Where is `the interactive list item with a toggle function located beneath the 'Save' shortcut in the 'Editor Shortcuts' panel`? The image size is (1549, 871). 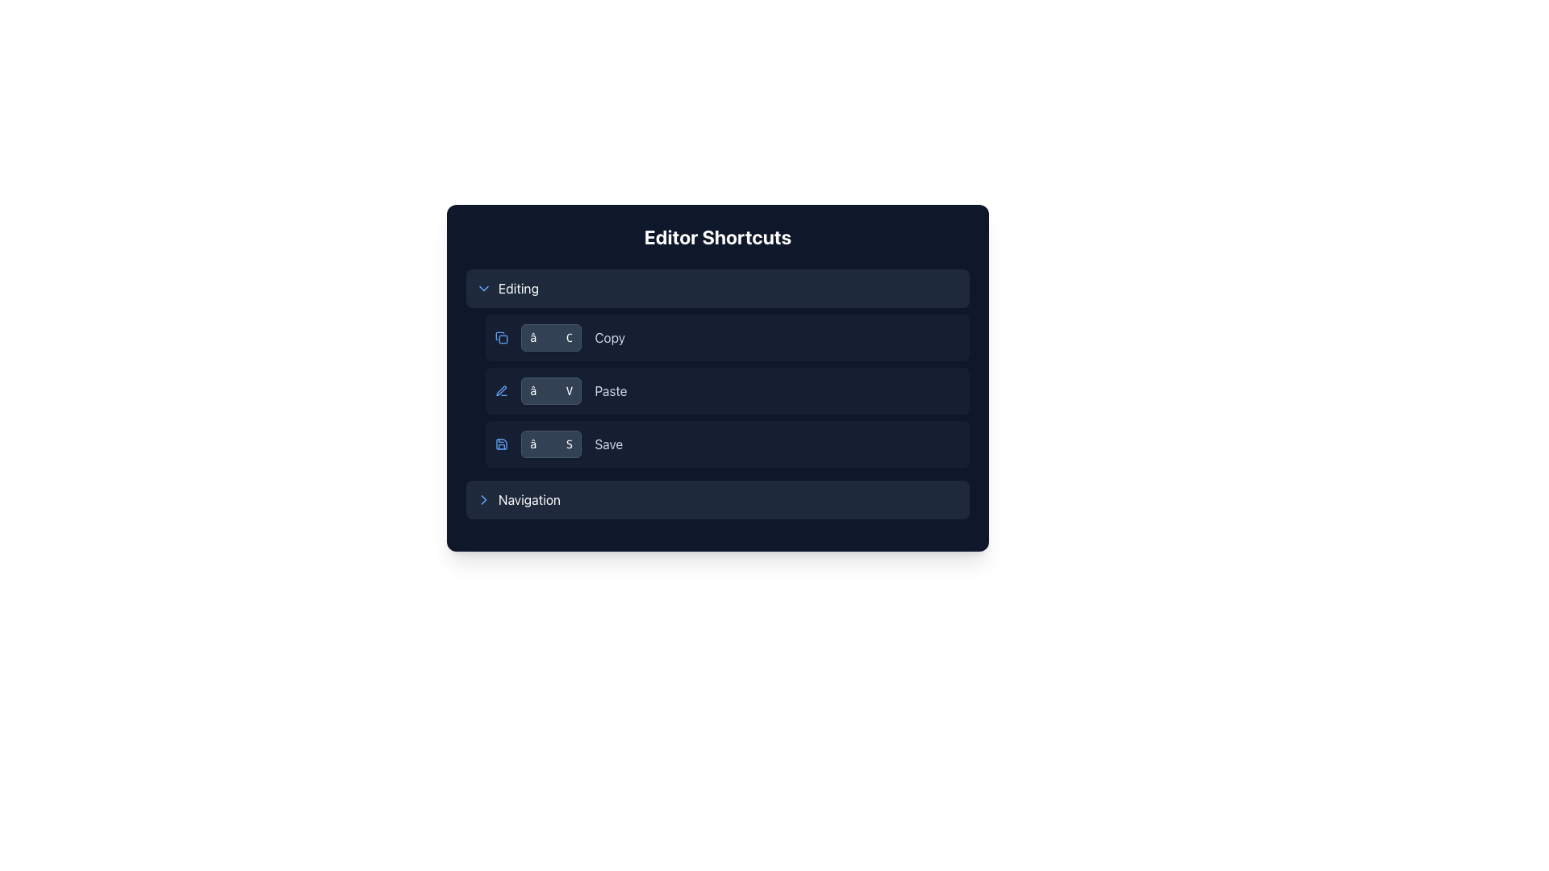
the interactive list item with a toggle function located beneath the 'Save' shortcut in the 'Editor Shortcuts' panel is located at coordinates (716, 499).